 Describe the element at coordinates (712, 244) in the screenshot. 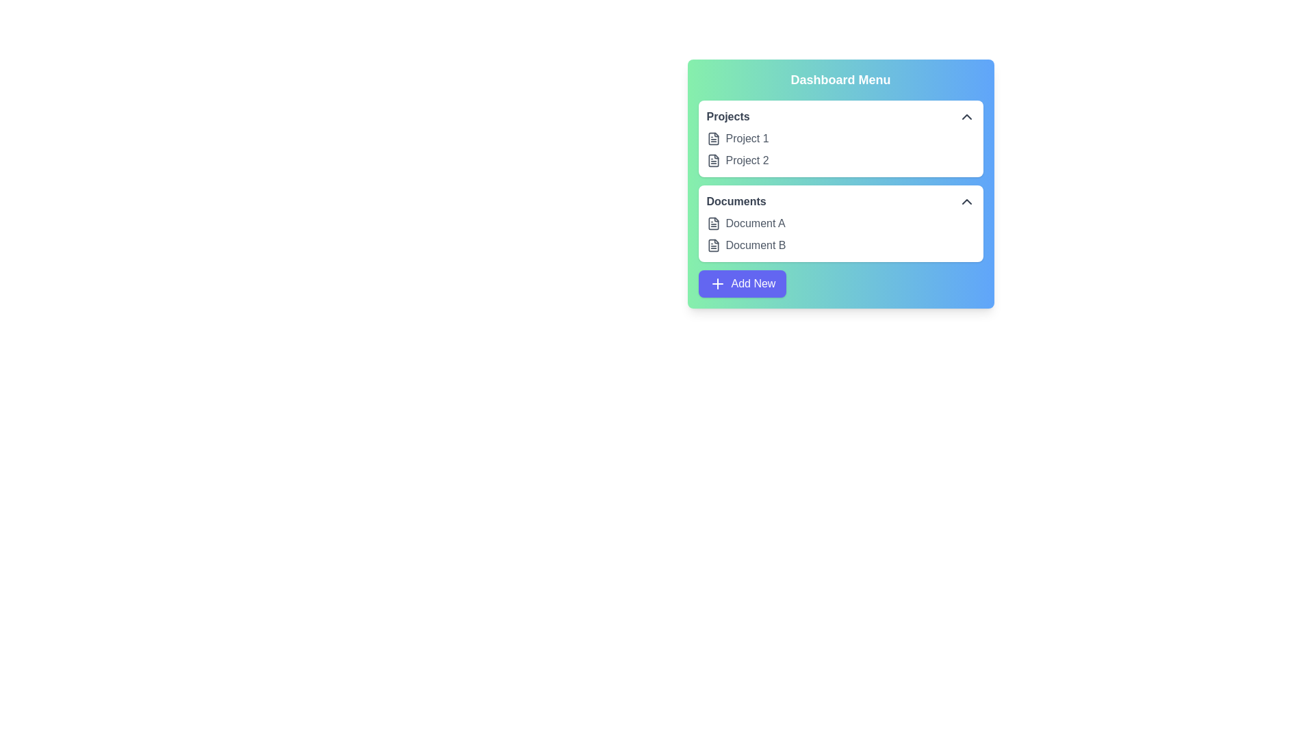

I see `the file named Document B in the list` at that location.